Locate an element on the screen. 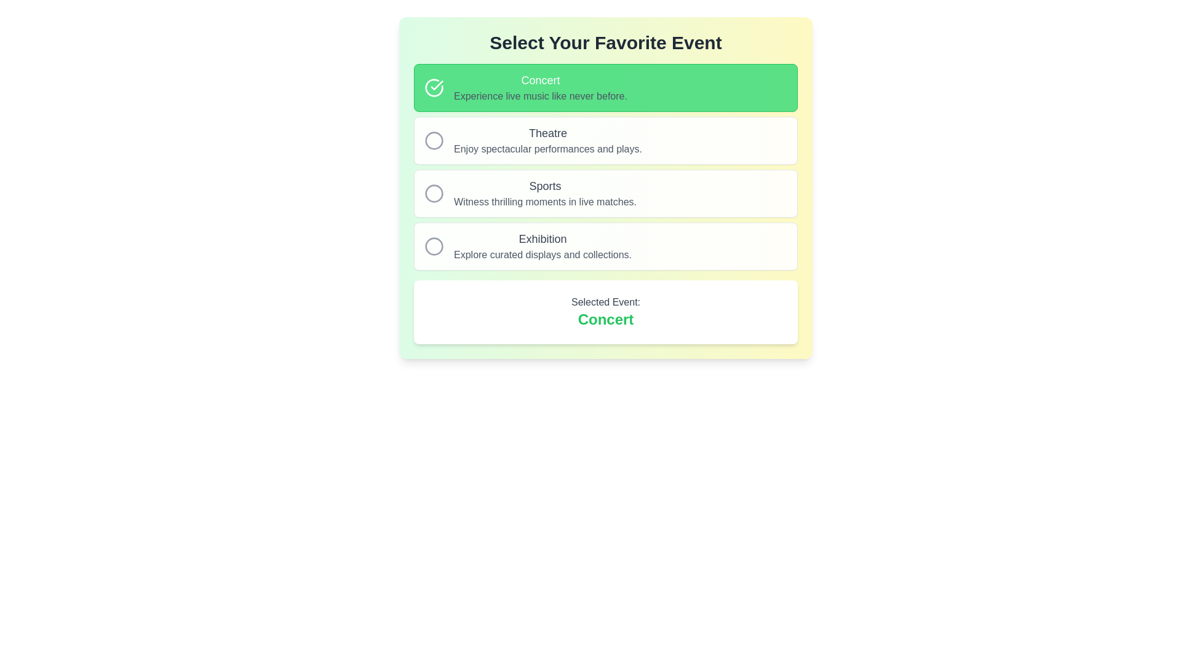  the selection status icon representing the 'Concert' event, located at the left side of the topmost green-highlighted list item, directly above 'Theatre' is located at coordinates (434, 87).